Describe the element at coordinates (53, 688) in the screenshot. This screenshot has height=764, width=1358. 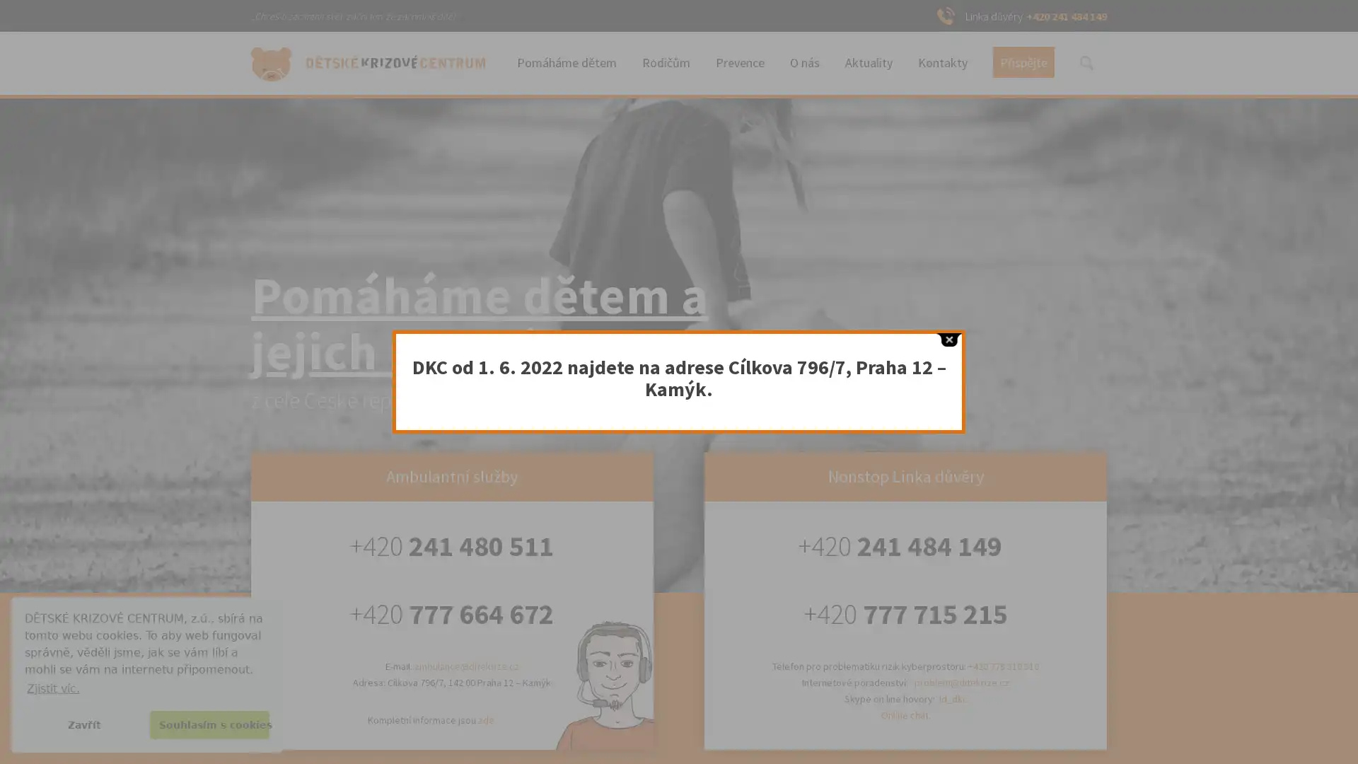
I see `learn more about cookies` at that location.